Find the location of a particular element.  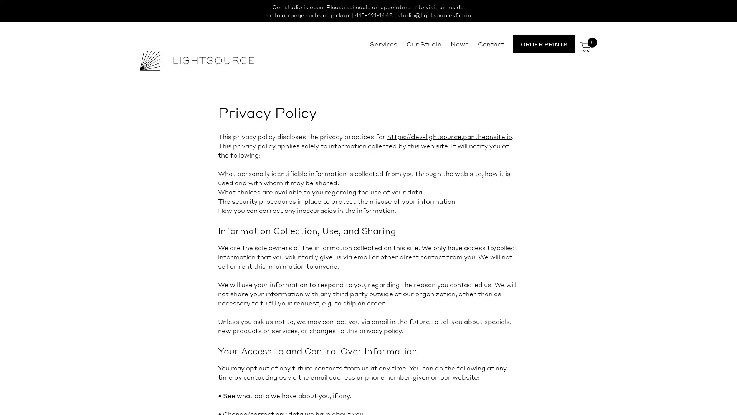

Sign up is located at coordinates (440, 267).